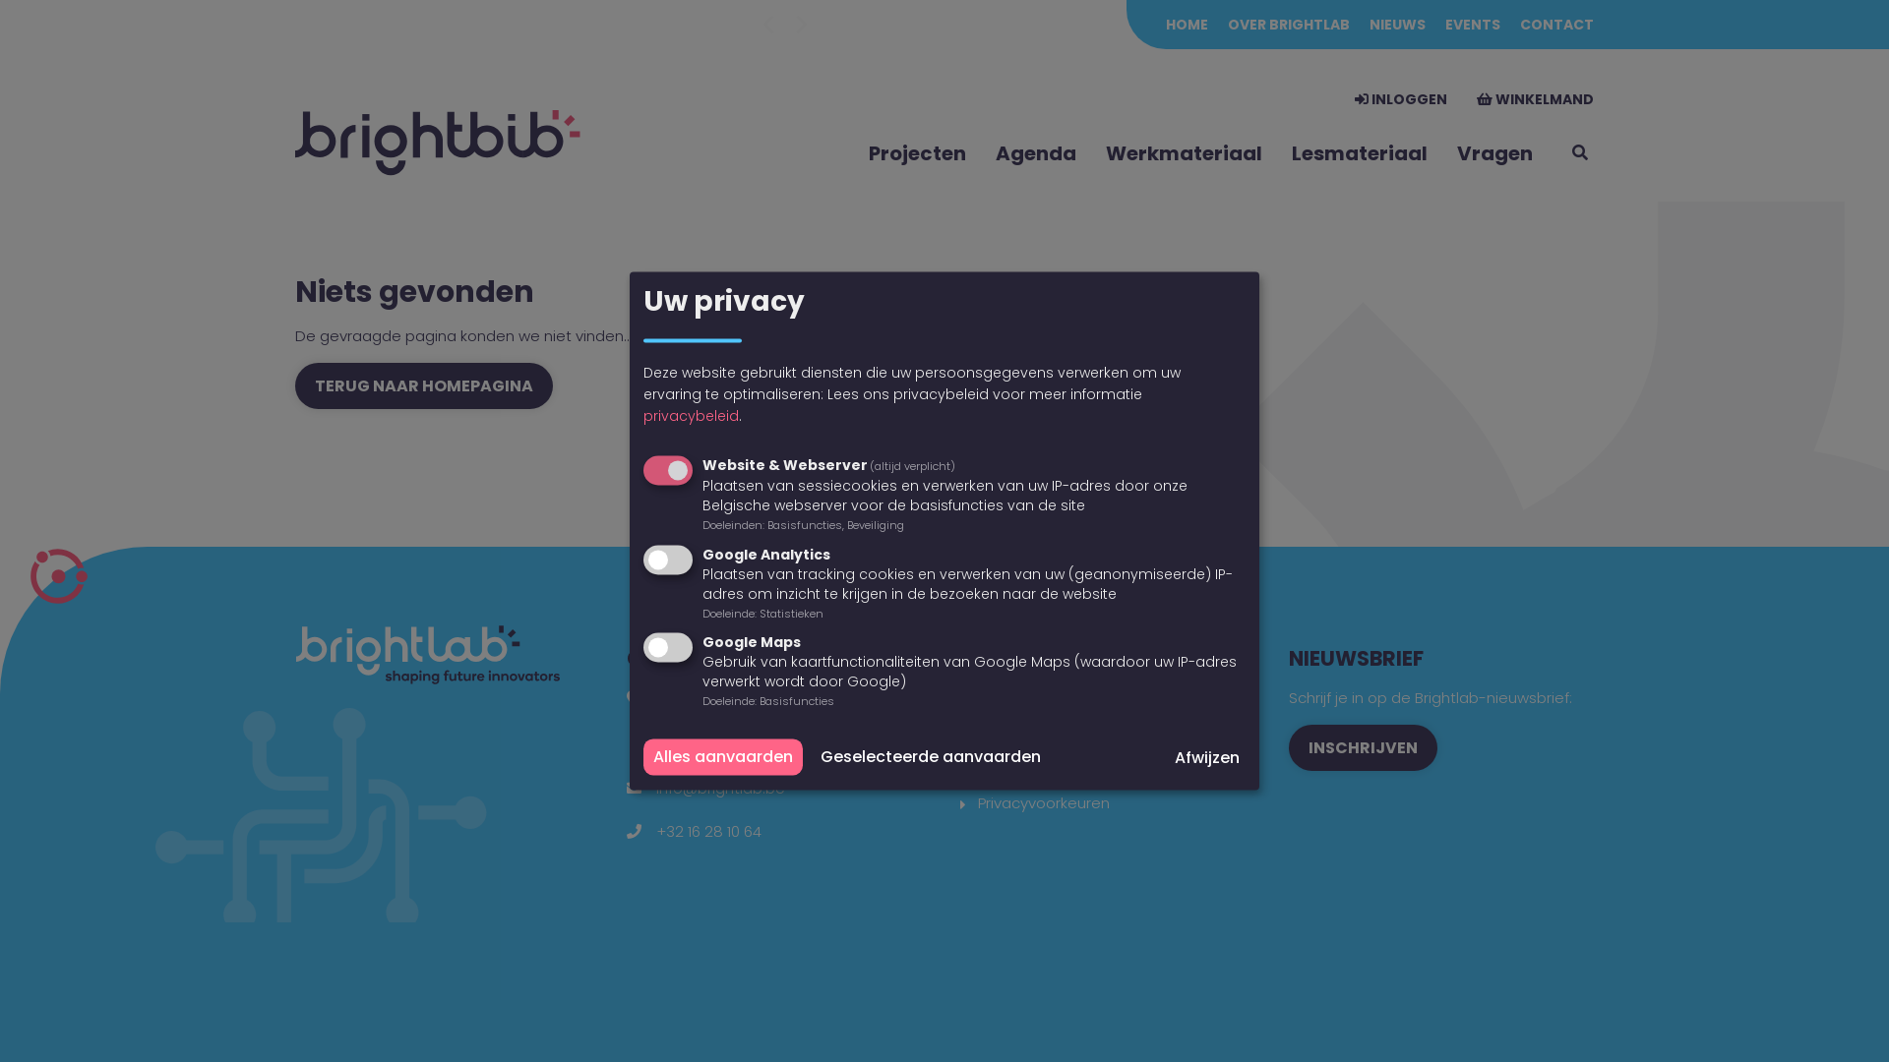  Describe the element at coordinates (691, 416) in the screenshot. I see `'privacybeleid'` at that location.